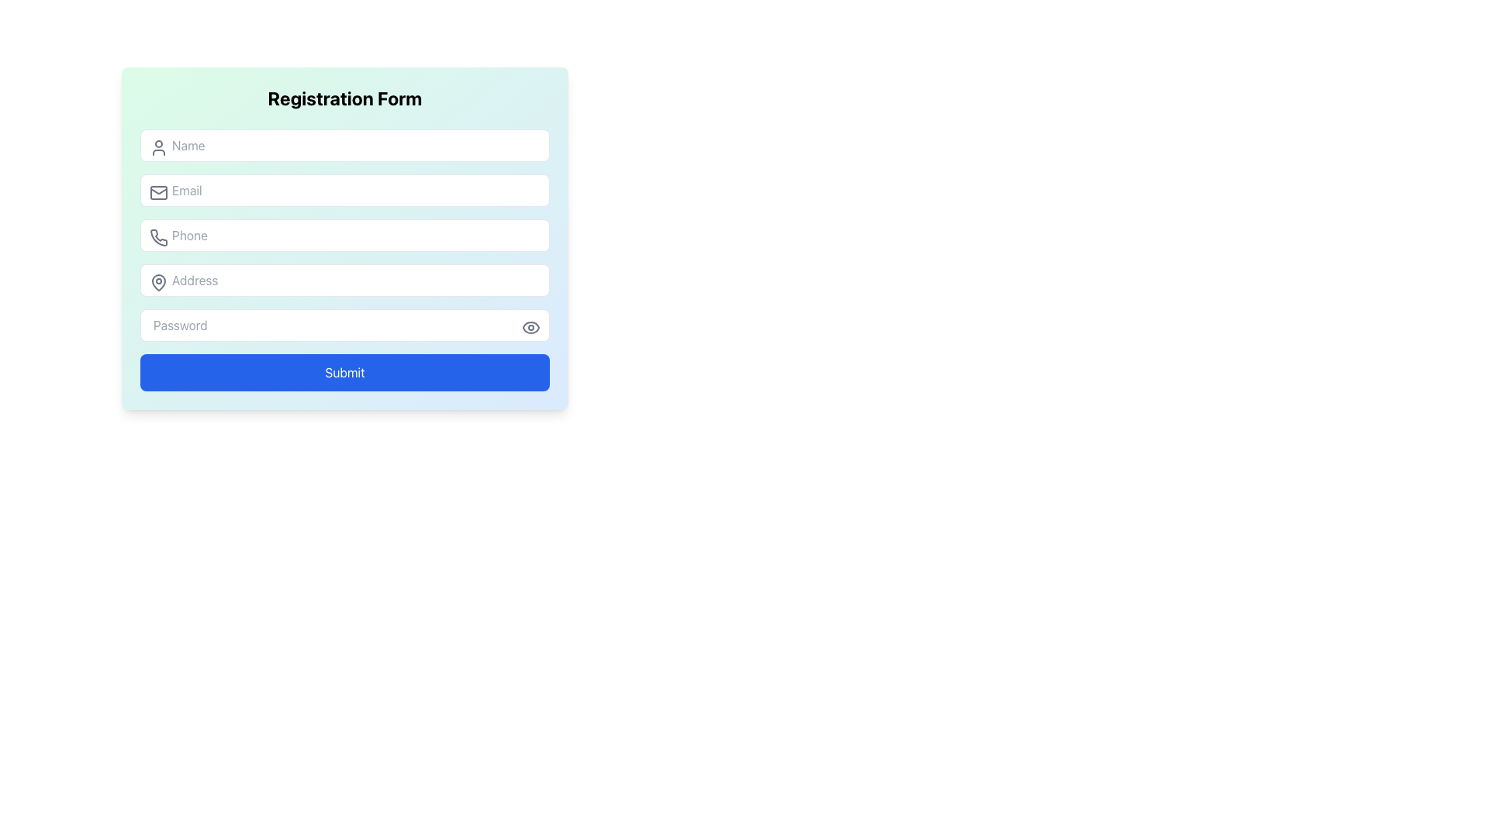 The width and height of the screenshot is (1489, 837). What do you see at coordinates (344, 281) in the screenshot?
I see `the address input field located below the Phone input field and above the Password input field in the Registration Form to focus on it` at bounding box center [344, 281].